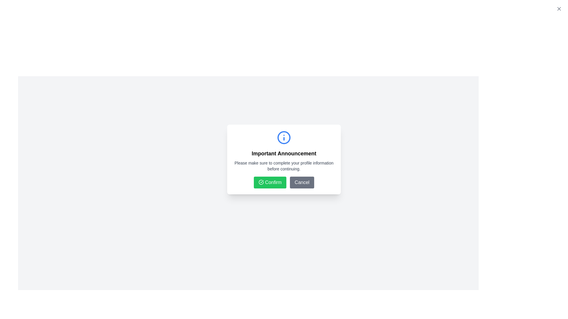 This screenshot has height=319, width=568. Describe the element at coordinates (270, 182) in the screenshot. I see `the green 'Confirm' button in the modal dialog box` at that location.